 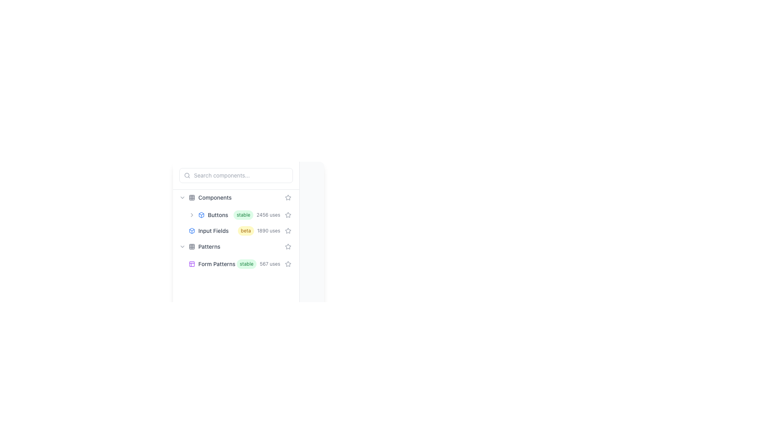 I want to click on the navigation button labeled 'Patterns' located in the sidebar, which is the third item in the list, so click(x=236, y=246).